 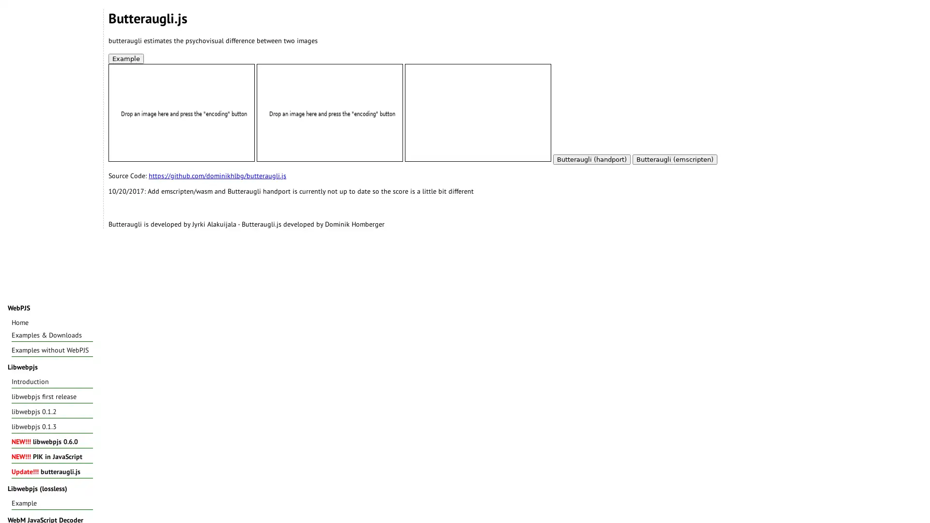 What do you see at coordinates (591, 158) in the screenshot?
I see `Butteraugli (handport)` at bounding box center [591, 158].